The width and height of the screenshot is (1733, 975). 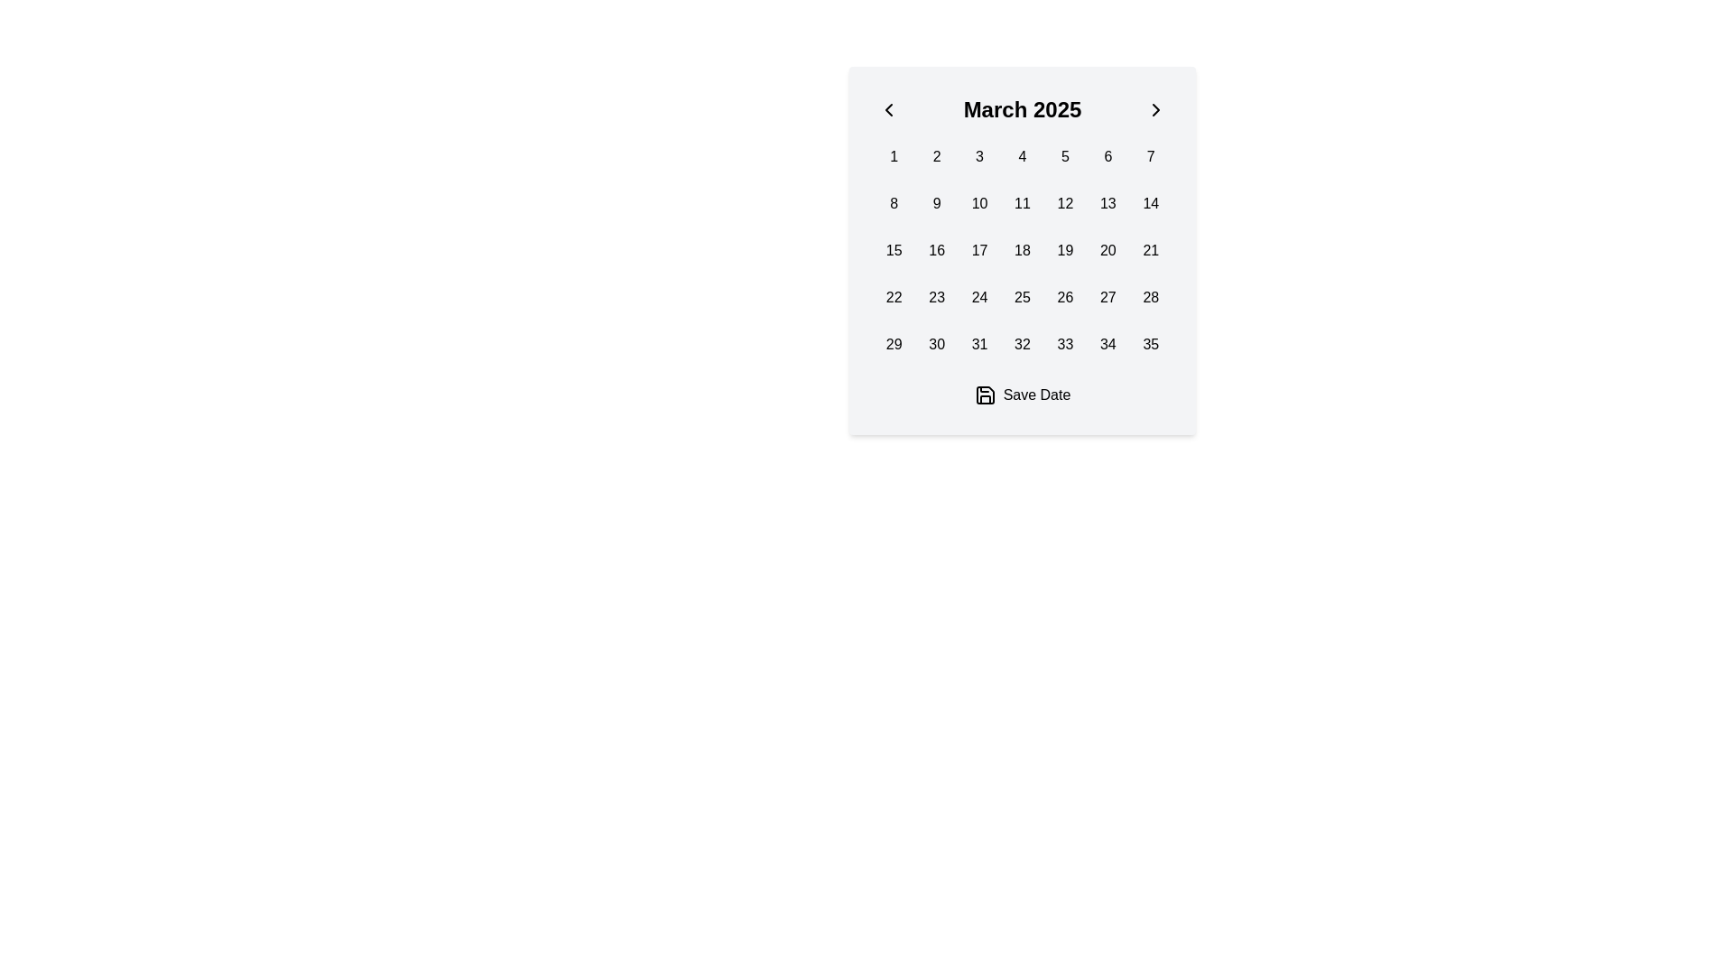 I want to click on on the calendar day button displaying the number '26' in the grid layout for March 2025, so click(x=1065, y=297).